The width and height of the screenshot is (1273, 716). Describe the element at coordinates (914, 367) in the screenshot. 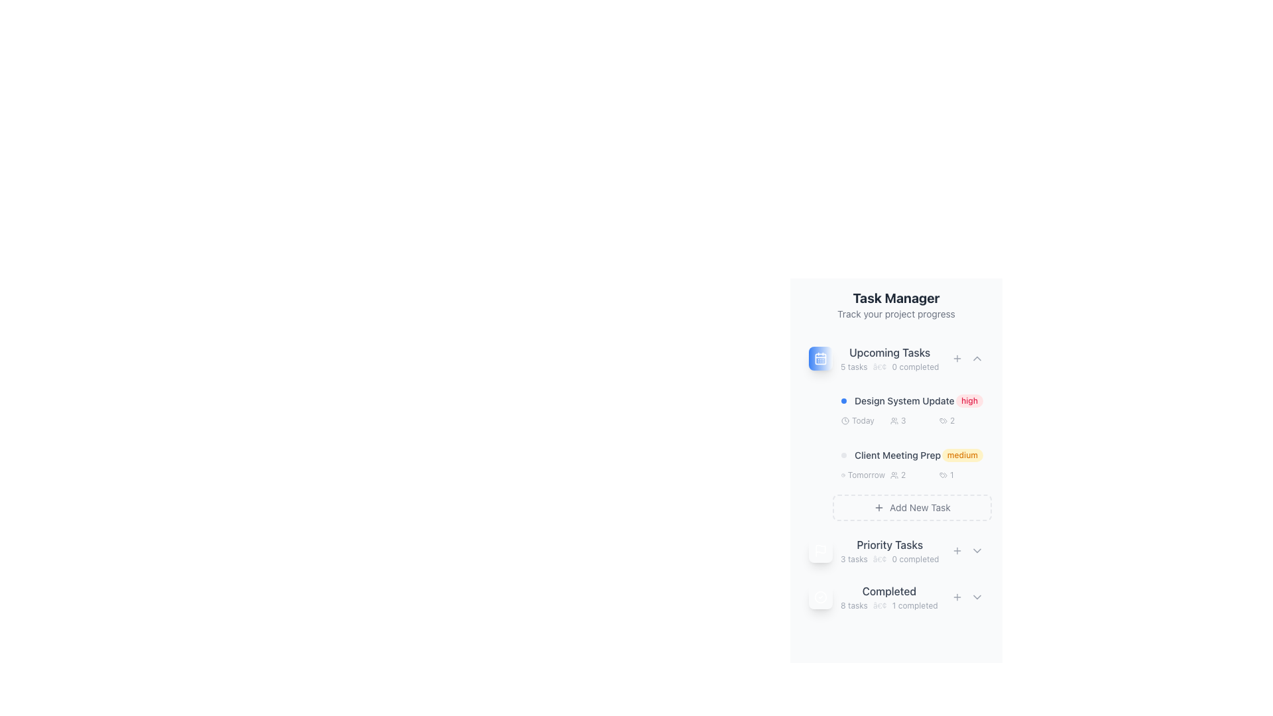

I see `the text label displaying '0 completed' which is styled in light gray and located within the 'Upcoming Tasks' section, positioned to the right of a bullet-like separator and another text element '5 tasks'` at that location.